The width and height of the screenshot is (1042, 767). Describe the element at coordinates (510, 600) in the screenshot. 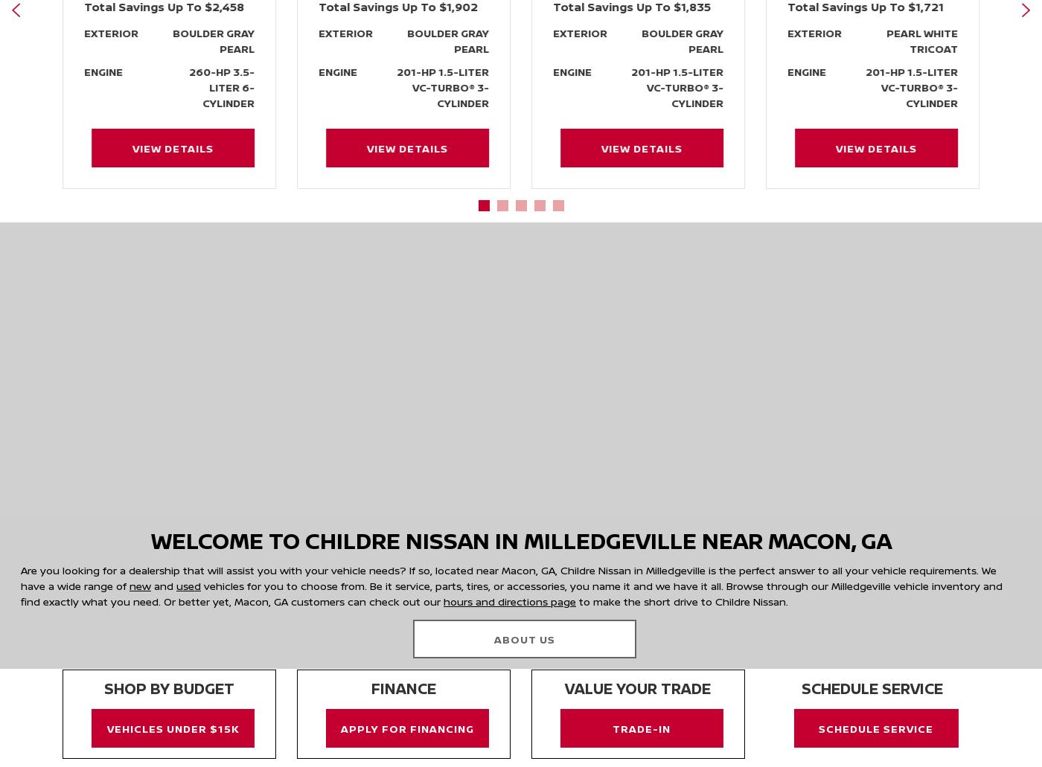

I see `'hours and directions page'` at that location.